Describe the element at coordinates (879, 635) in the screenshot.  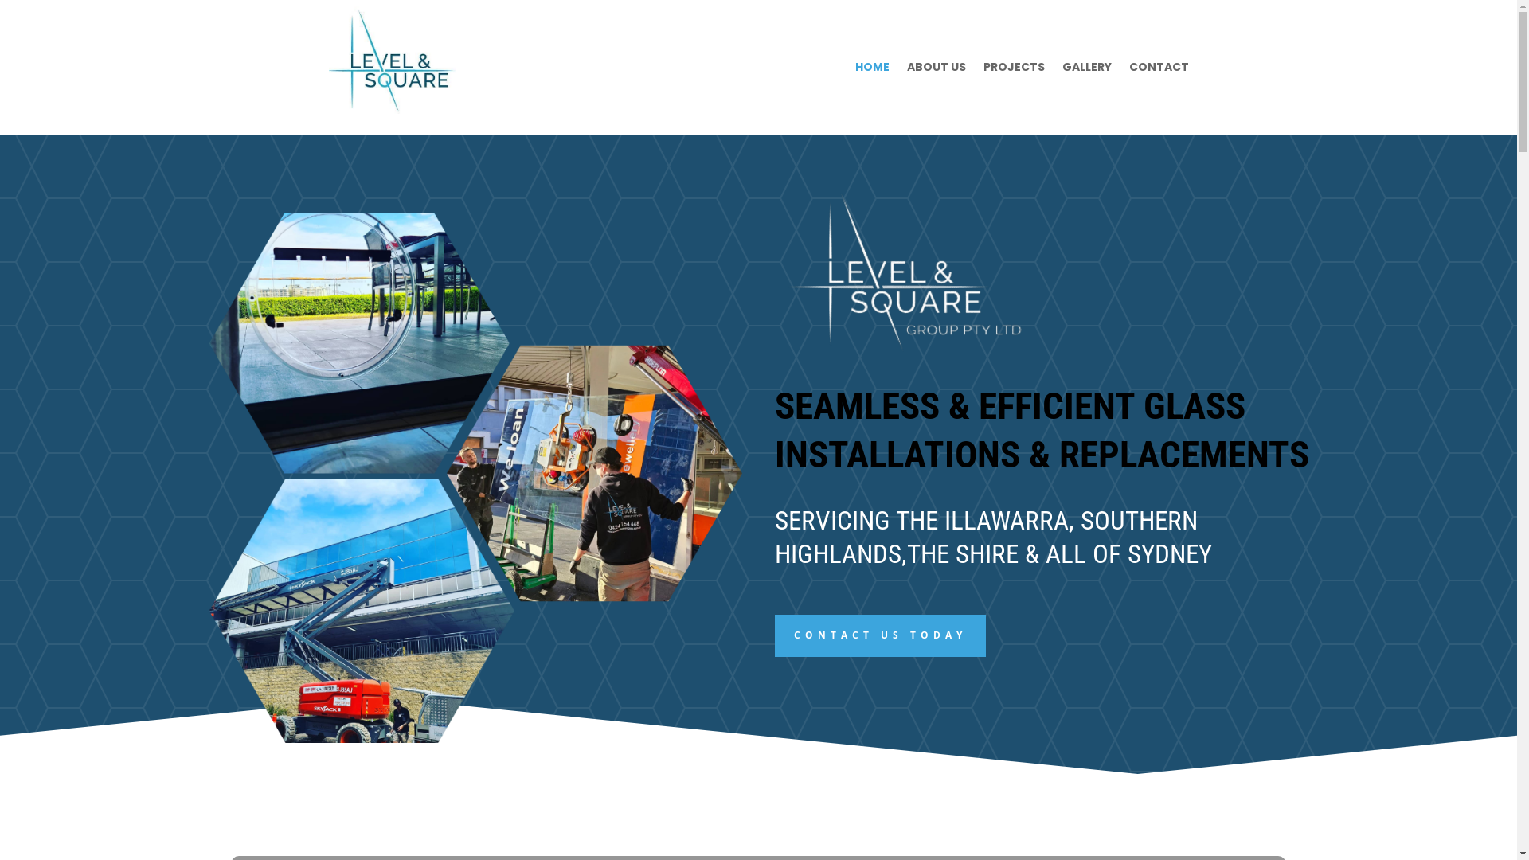
I see `'CONTACT US TODAY'` at that location.